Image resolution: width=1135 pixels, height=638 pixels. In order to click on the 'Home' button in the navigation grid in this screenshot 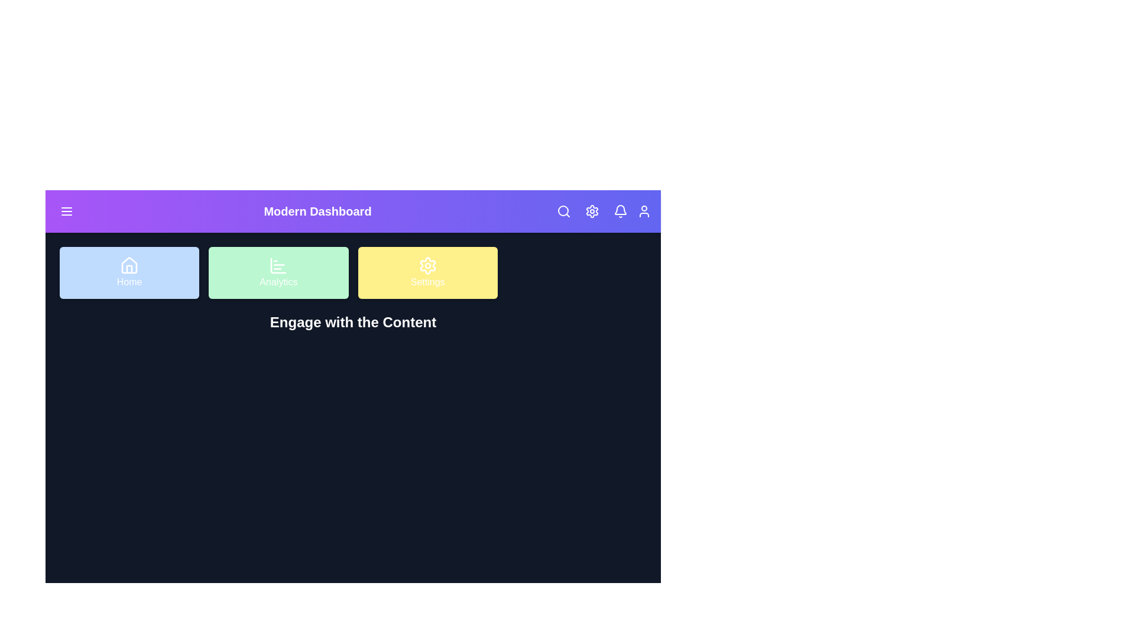, I will do `click(129, 273)`.